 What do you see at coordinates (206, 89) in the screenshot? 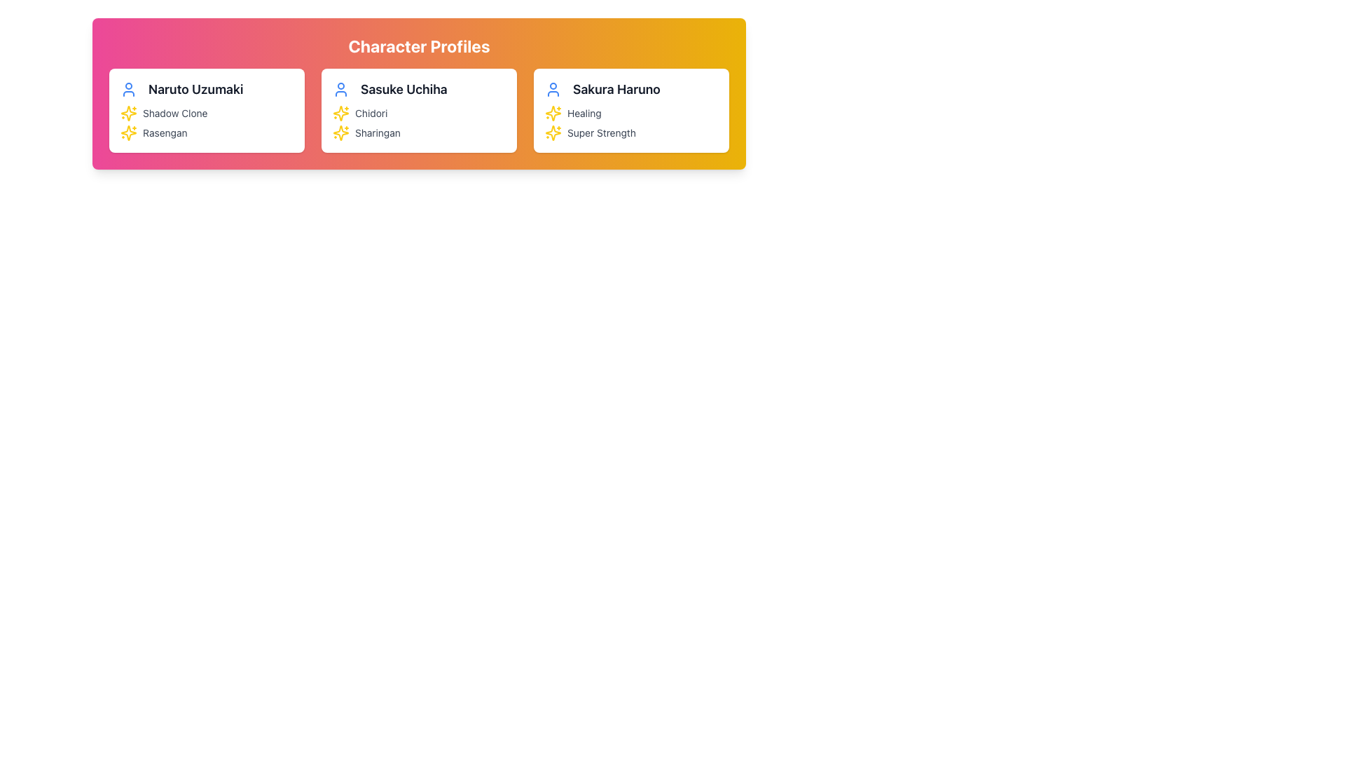
I see `the character name text 'Naruto Uzumaki' for potential interactions, located in the first profile of the 'Character Profiles' section` at bounding box center [206, 89].